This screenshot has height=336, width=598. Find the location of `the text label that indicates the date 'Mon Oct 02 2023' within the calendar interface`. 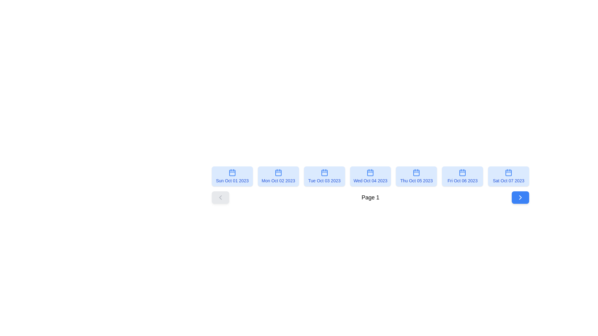

the text label that indicates the date 'Mon Oct 02 2023' within the calendar interface is located at coordinates (278, 181).